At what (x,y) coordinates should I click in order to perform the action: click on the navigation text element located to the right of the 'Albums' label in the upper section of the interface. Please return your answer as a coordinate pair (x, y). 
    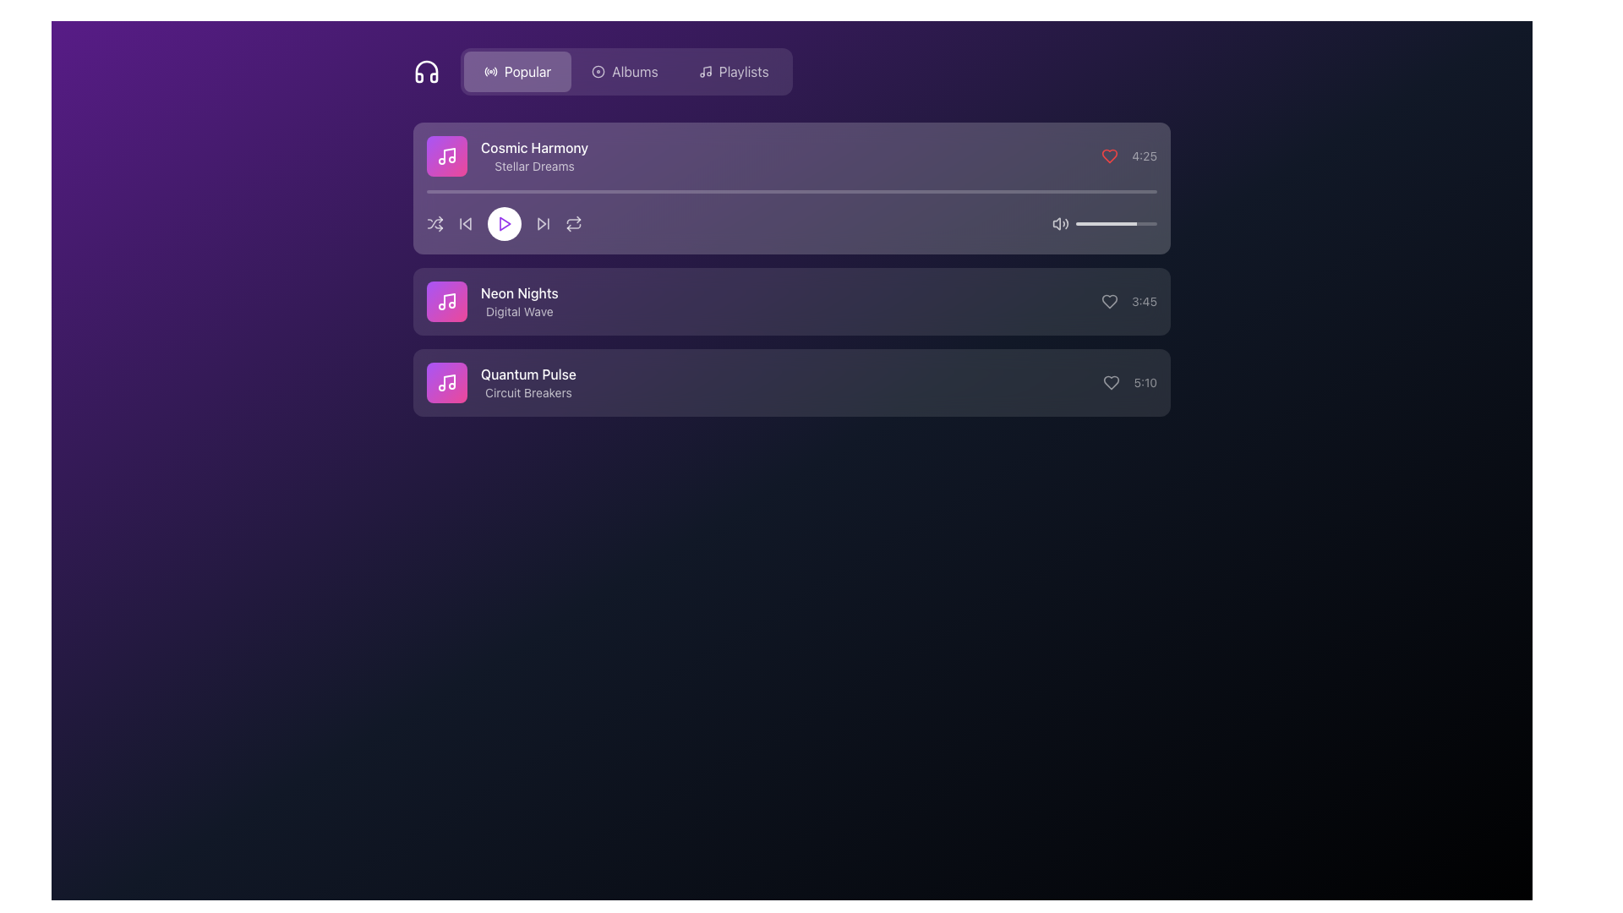
    Looking at the image, I should click on (744, 70).